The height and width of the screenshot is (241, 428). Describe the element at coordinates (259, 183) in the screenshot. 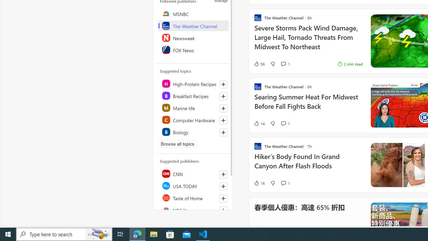

I see `'16 Like'` at that location.